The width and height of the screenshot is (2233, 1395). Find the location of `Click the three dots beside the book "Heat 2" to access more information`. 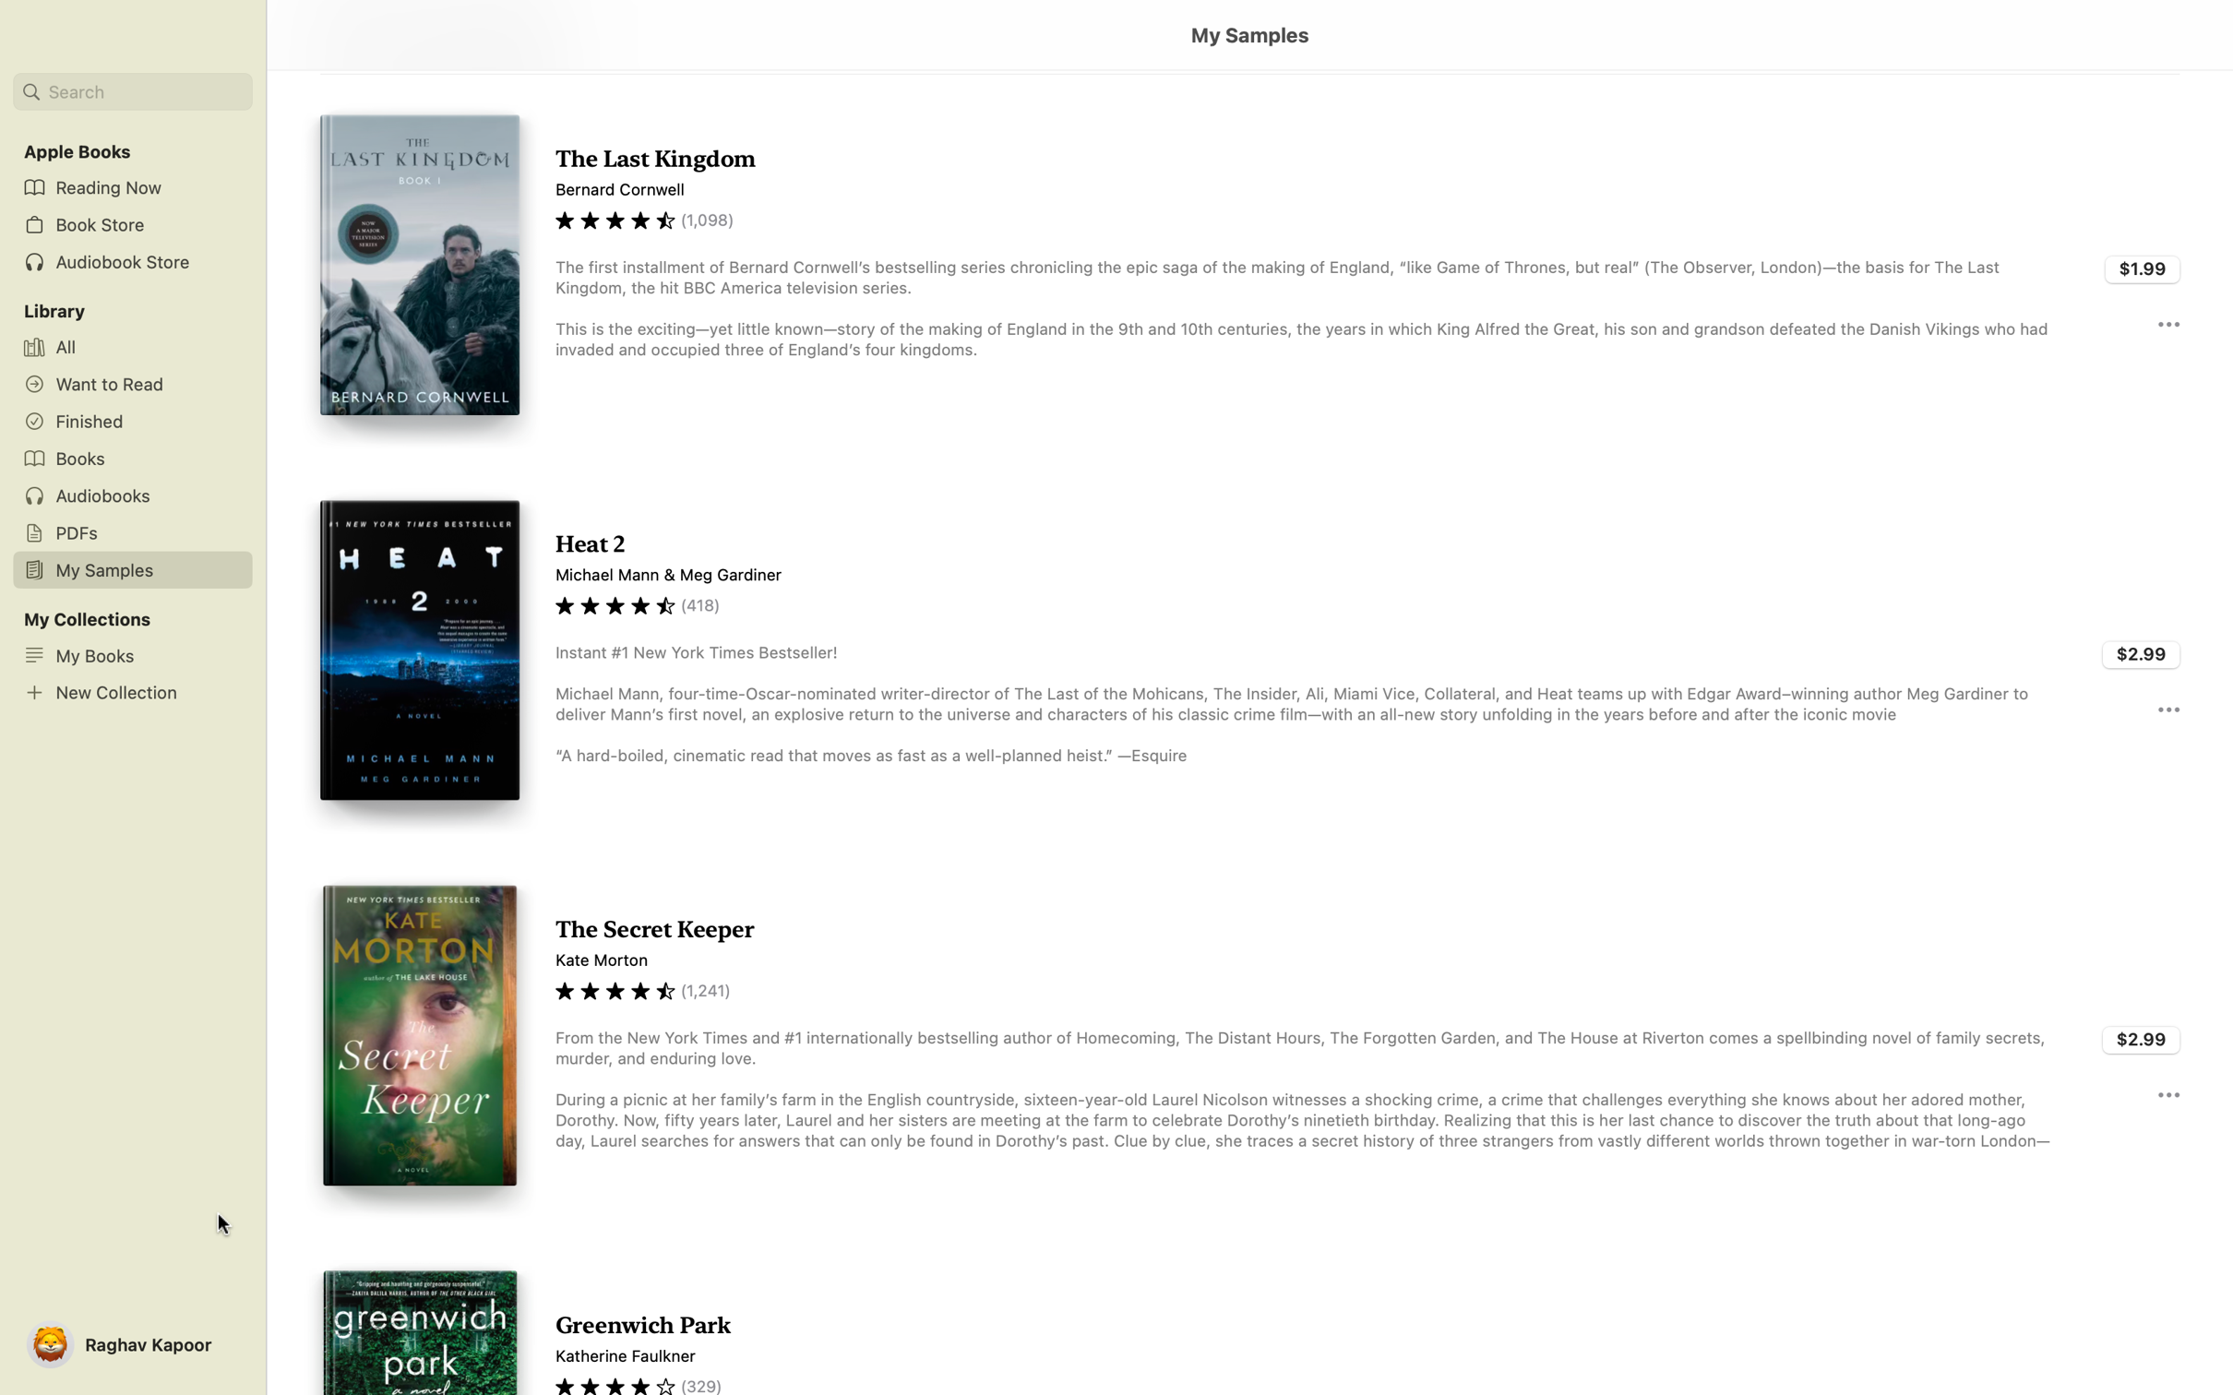

Click the three dots beside the book "Heat 2" to access more information is located at coordinates (2167, 709).